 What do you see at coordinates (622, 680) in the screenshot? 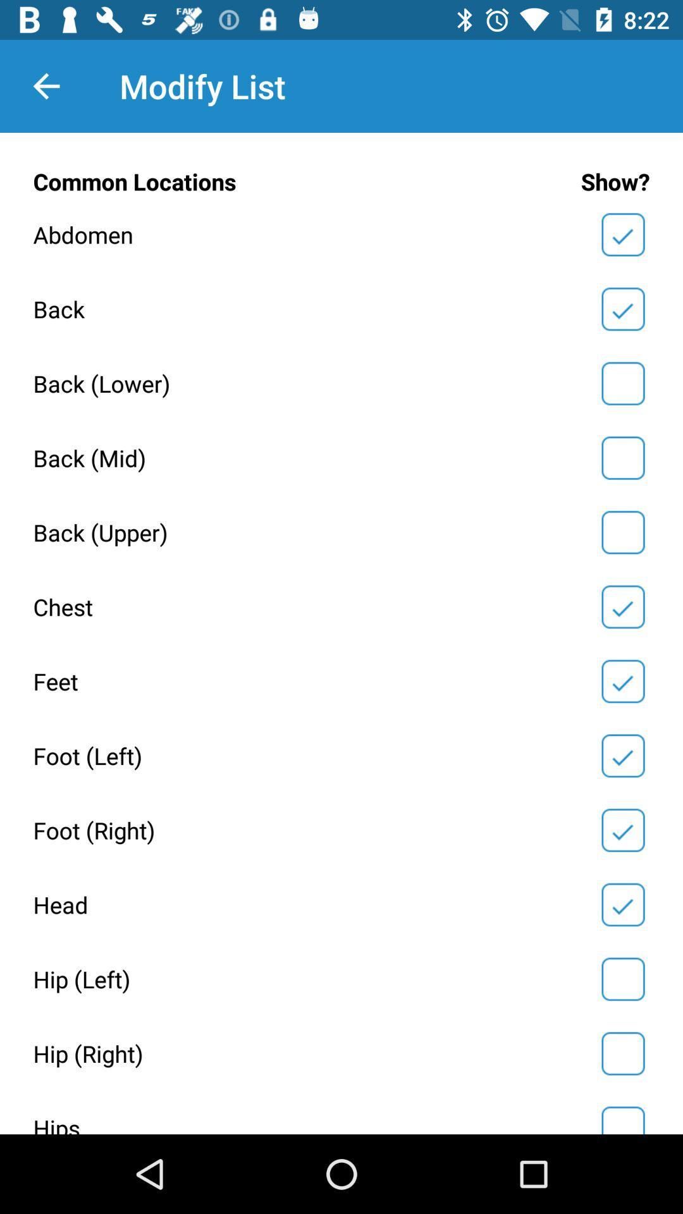
I see `feet` at bounding box center [622, 680].